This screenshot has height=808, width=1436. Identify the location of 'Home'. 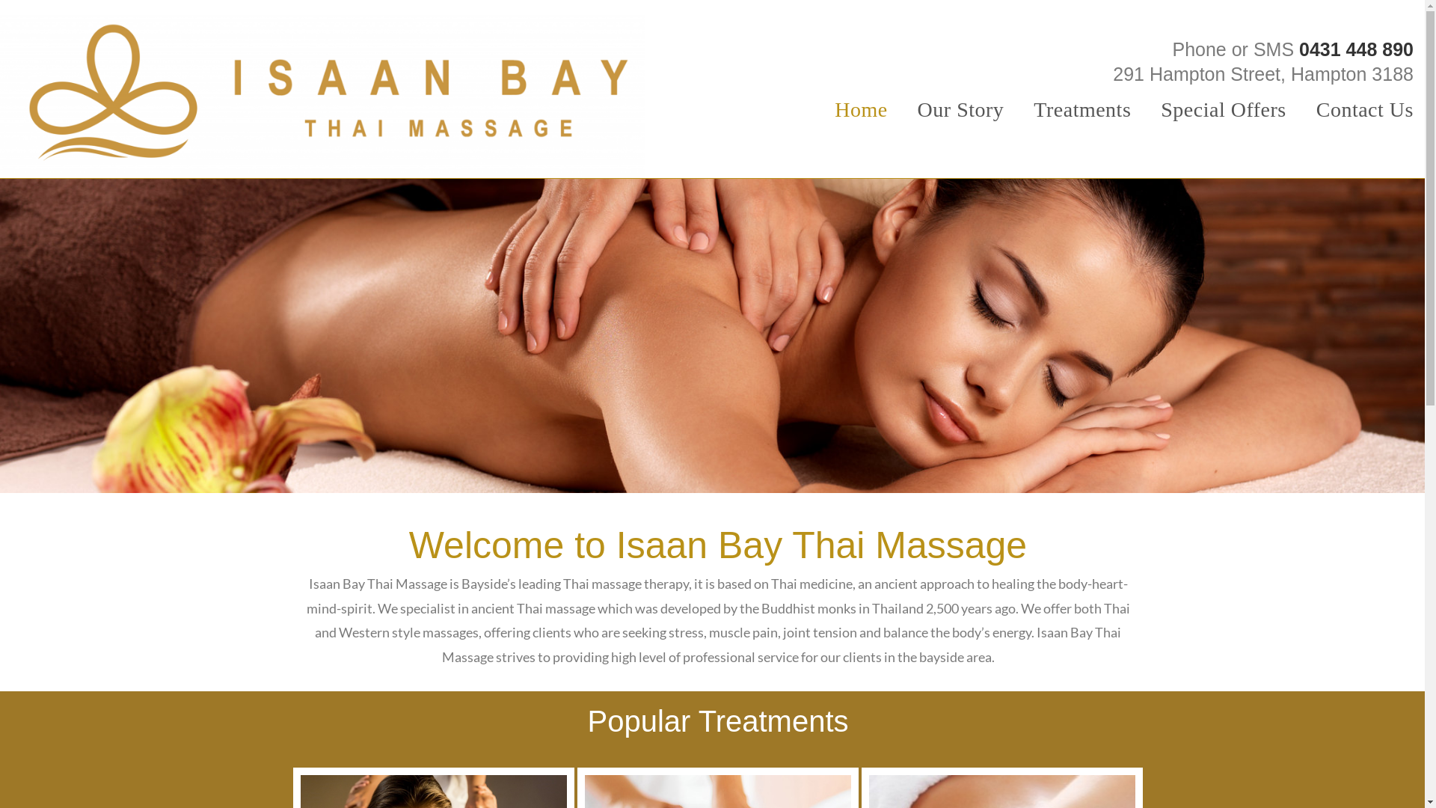
(861, 108).